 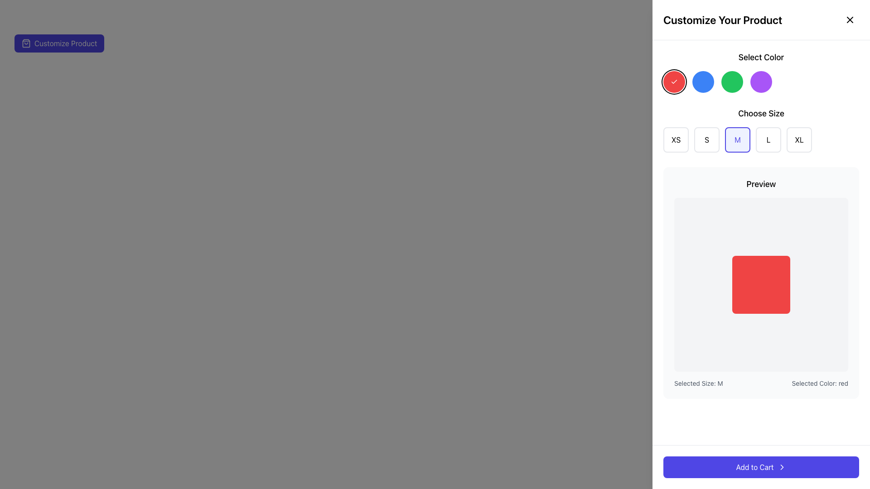 What do you see at coordinates (761, 282) in the screenshot?
I see `the interactive content within the light-gray panel titled 'Preview', which contains a rounded square with a red fill and displays 'Selected Size: M' and 'Selected Color: red'` at bounding box center [761, 282].